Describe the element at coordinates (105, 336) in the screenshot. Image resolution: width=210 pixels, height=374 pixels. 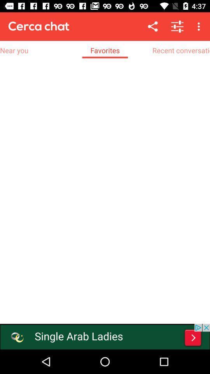
I see `advertisement` at that location.